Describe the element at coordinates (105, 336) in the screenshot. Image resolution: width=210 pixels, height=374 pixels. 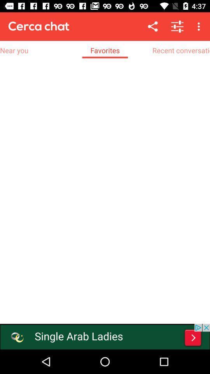
I see `advertisement` at that location.